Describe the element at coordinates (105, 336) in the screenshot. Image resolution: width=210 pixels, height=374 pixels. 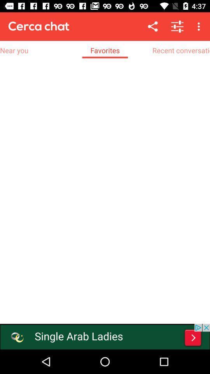
I see `advertisement` at that location.